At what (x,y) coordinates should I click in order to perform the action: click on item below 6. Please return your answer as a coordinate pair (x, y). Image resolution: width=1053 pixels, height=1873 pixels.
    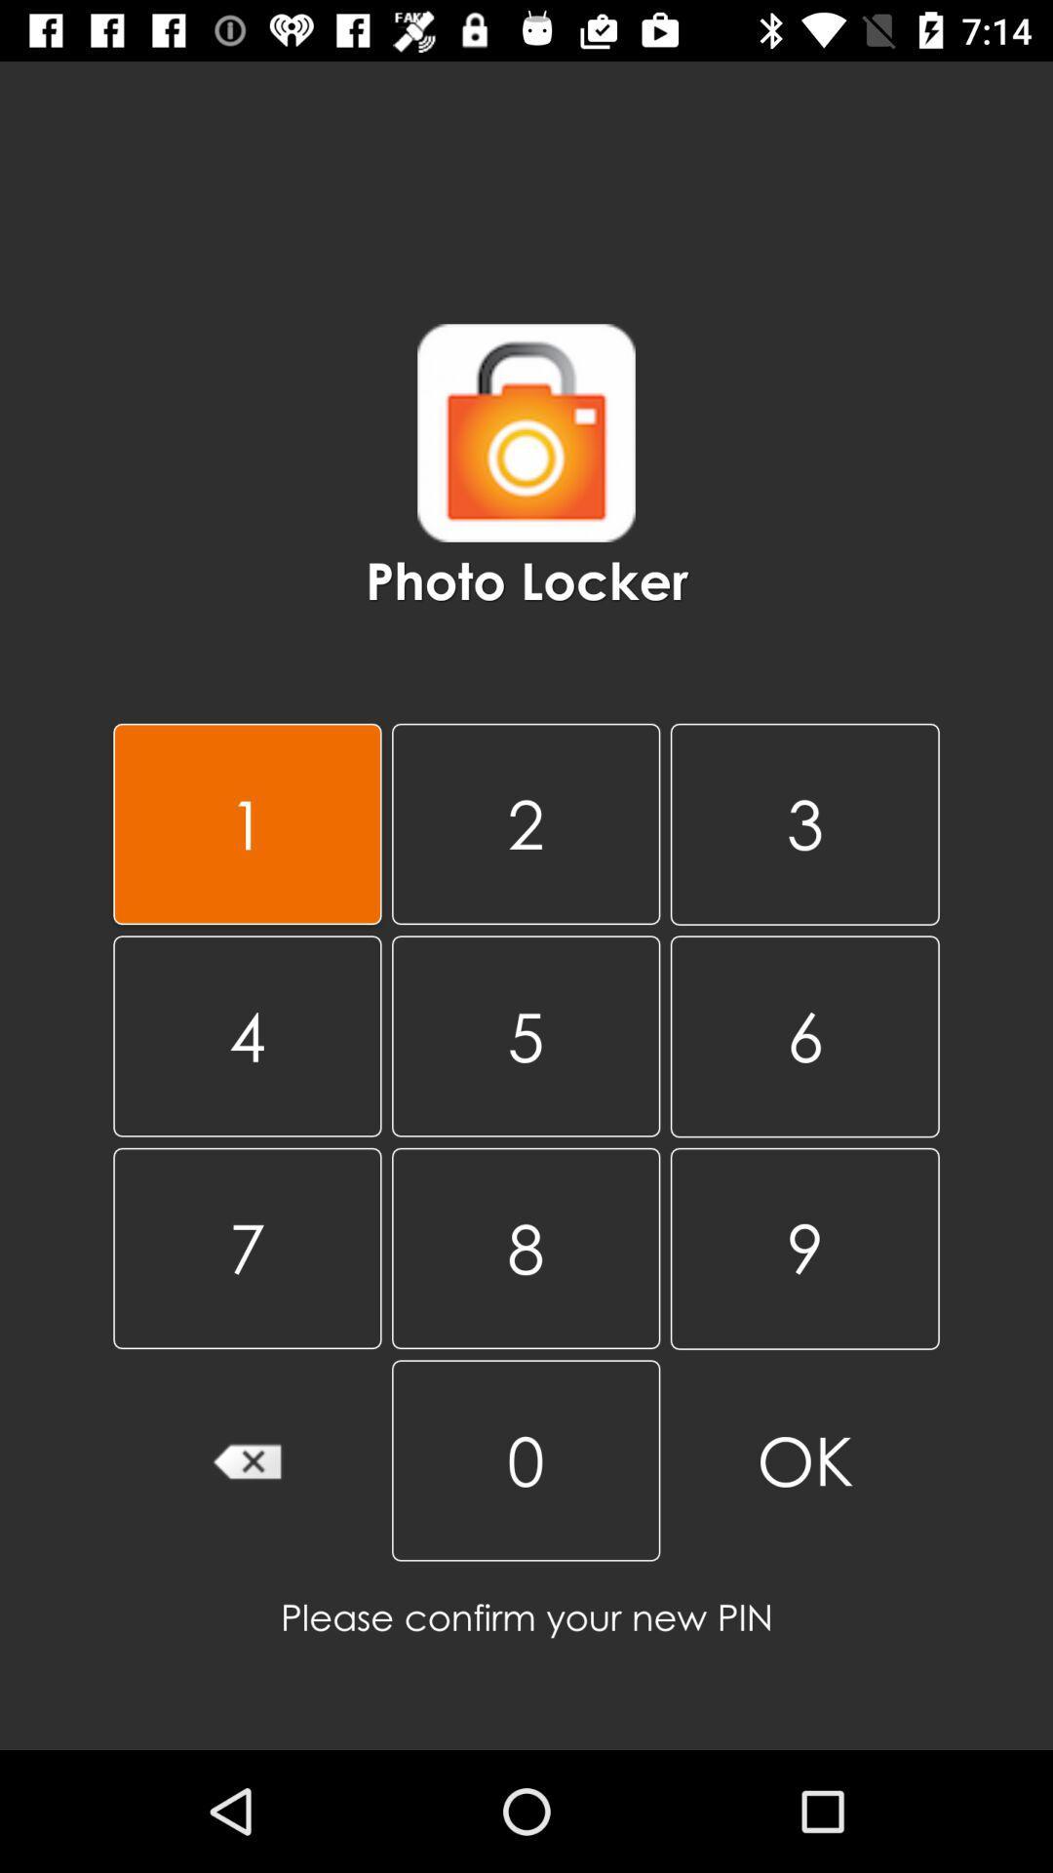
    Looking at the image, I should click on (804, 1249).